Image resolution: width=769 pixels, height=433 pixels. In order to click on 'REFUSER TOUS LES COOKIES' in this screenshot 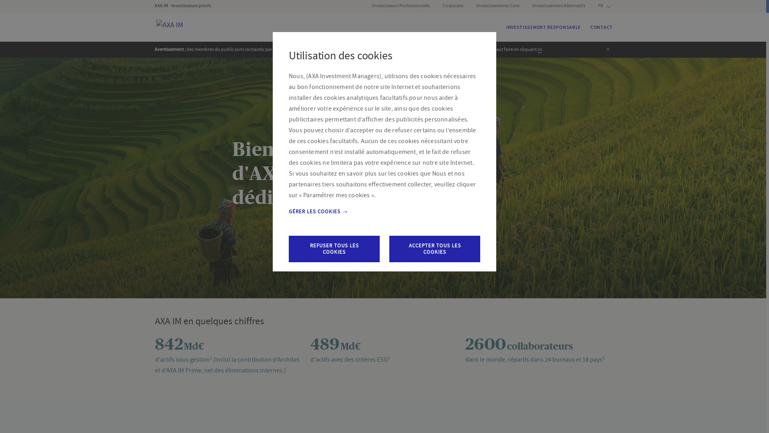, I will do `click(334, 249)`.